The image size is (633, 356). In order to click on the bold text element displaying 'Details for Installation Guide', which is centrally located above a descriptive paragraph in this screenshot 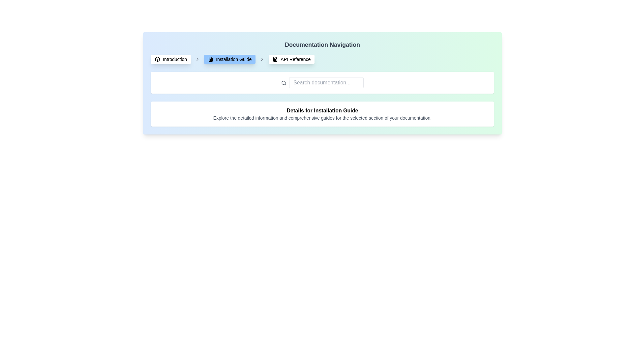, I will do `click(322, 110)`.